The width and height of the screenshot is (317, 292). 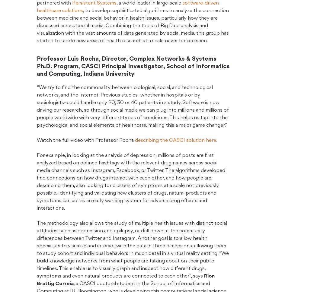 I want to click on 'For example, in looking at the analysis of depression, millions of posts are first analyzed based on defined hashtags with the relevant drug names across social media channels such as Instagram, Facebook, or Twitter. The algorithms developed find connections on how drugs interact with each other, and how people are describing them, also looking for clusters of symptoms at a scale not previously possible. Identifying and validating new clusters of drugs, natural products and symptoms can act as an early warning system for adverse drug effects and interactions.', so click(x=130, y=182).